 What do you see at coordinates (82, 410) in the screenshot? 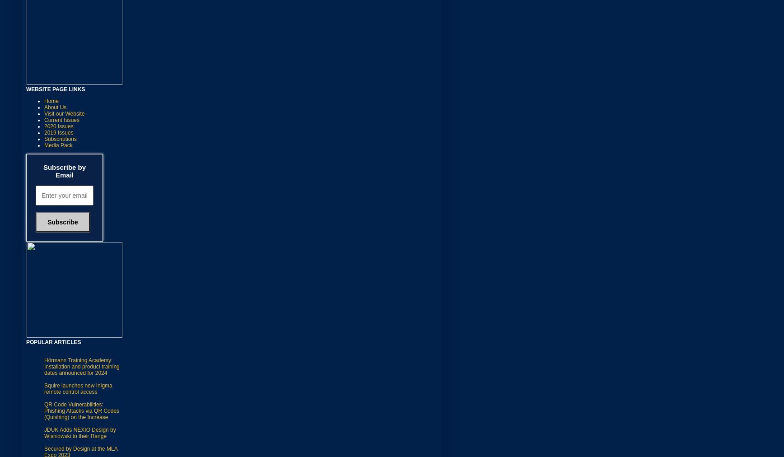
I see `'QR Code Vulnerabilities: Phishing Attacks via QR Codes (Quishing) on the Increase'` at bounding box center [82, 410].